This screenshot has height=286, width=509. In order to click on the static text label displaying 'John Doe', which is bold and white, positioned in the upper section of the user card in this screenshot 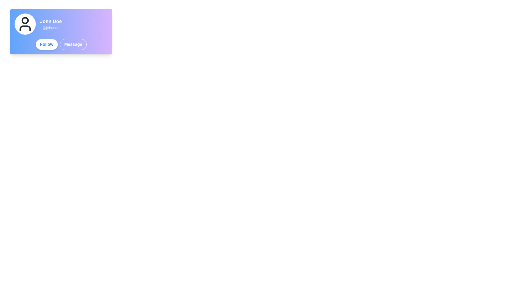, I will do `click(51, 21)`.